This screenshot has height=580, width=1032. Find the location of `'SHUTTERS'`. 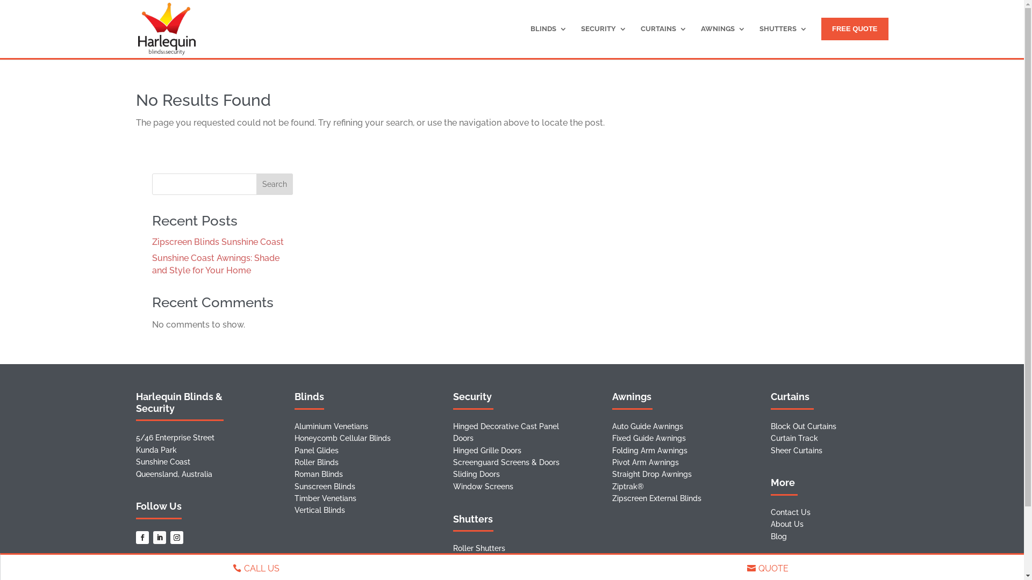

'SHUTTERS' is located at coordinates (783, 40).